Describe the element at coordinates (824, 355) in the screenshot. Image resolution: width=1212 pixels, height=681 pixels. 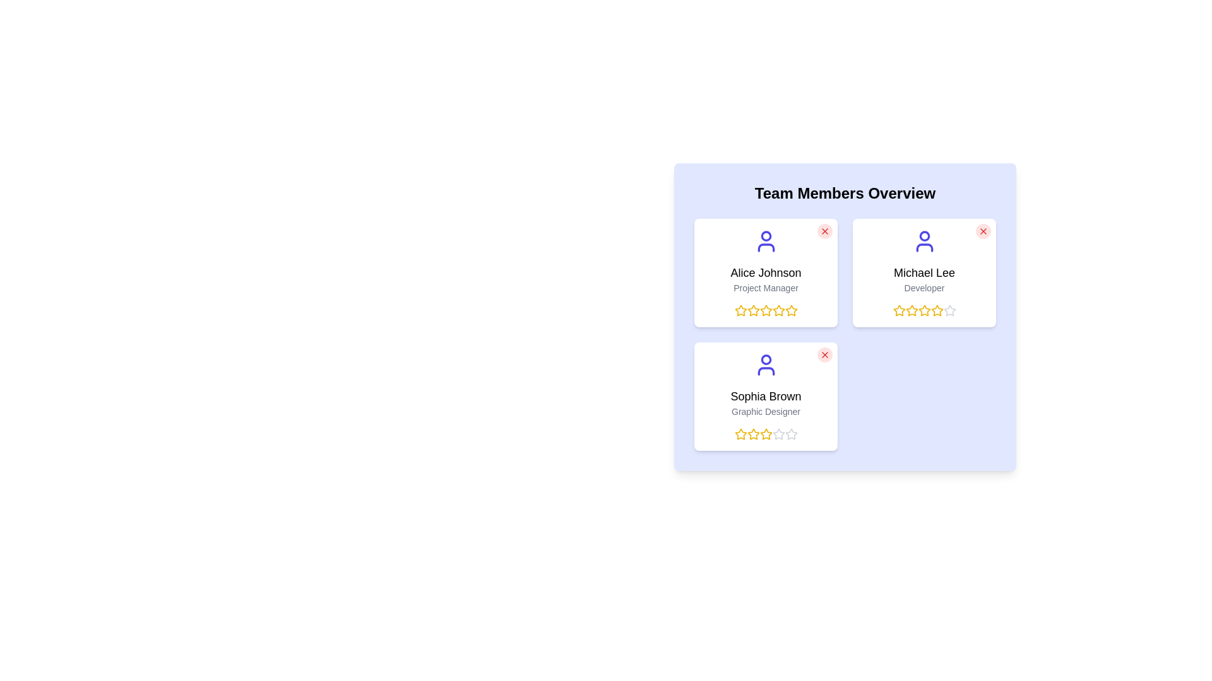
I see `close button of the team member with name Sophia Brown` at that location.